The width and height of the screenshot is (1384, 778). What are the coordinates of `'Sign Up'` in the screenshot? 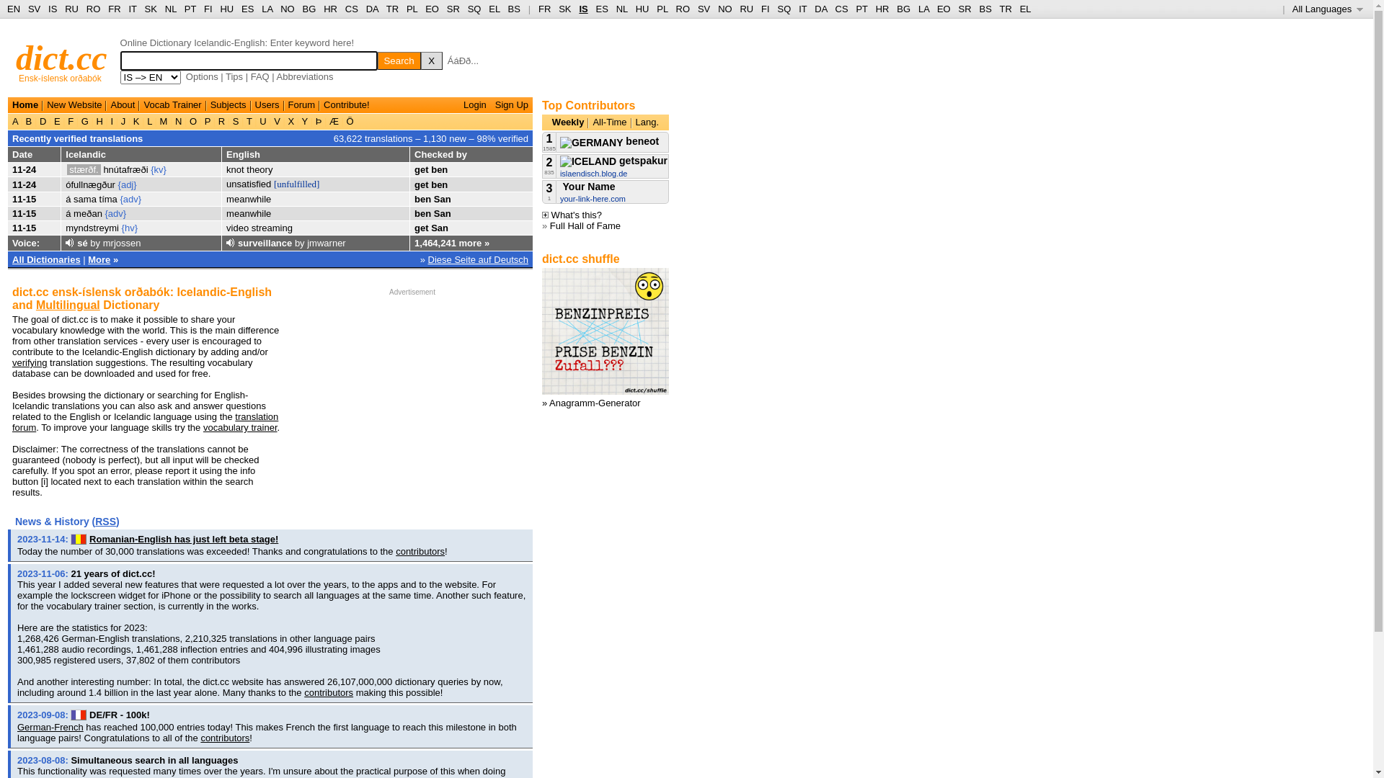 It's located at (512, 104).